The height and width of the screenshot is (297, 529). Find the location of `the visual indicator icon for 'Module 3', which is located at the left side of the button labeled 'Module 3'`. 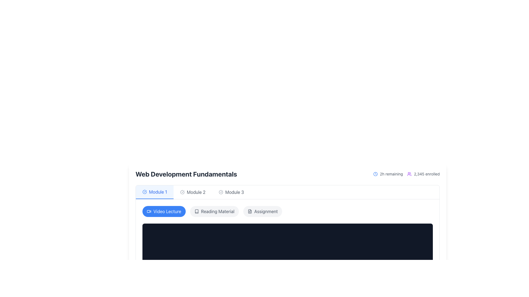

the visual indicator icon for 'Module 3', which is located at the left side of the button labeled 'Module 3' is located at coordinates (221, 192).